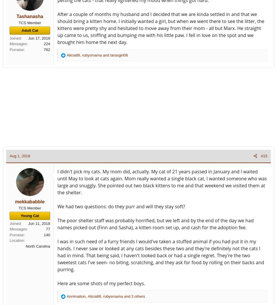 Image resolution: width=277 pixels, height=305 pixels. Describe the element at coordinates (110, 55) in the screenshot. I see `'tarasgirl06'` at that location.